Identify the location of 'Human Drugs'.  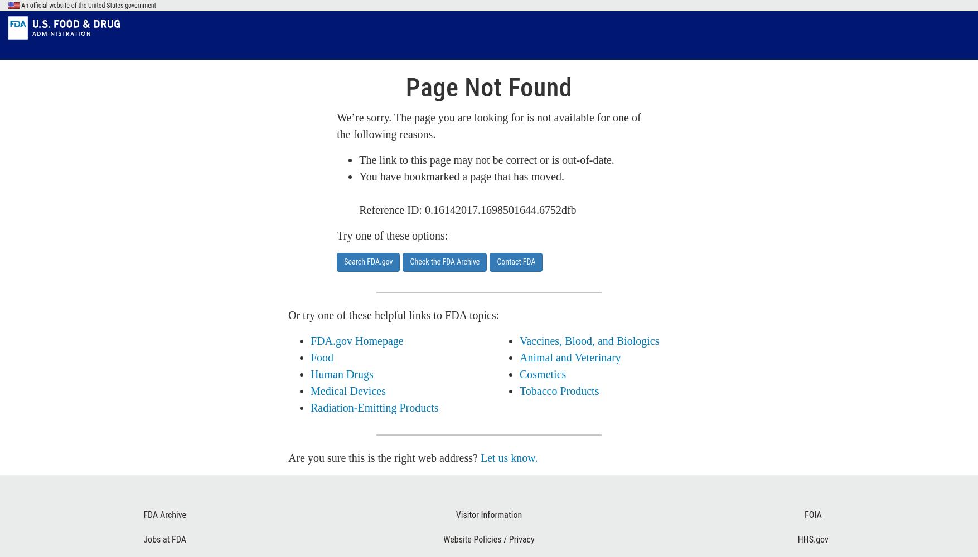
(342, 374).